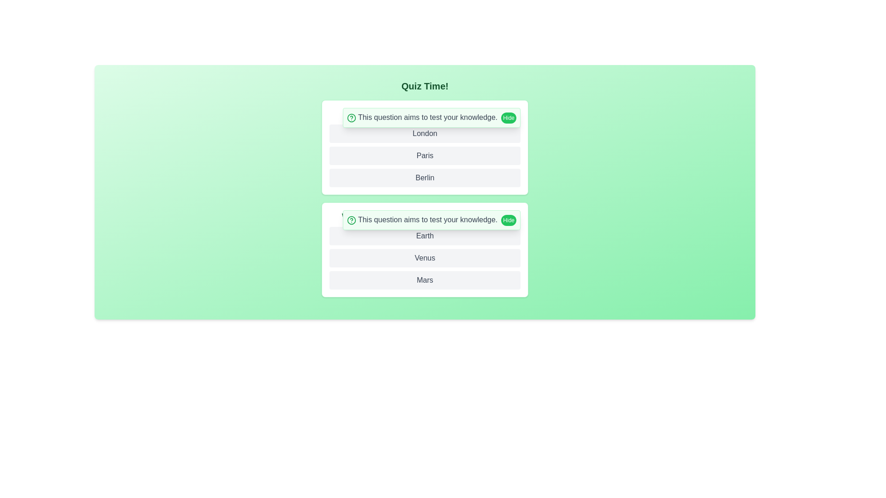 This screenshot has width=886, height=498. Describe the element at coordinates (351, 220) in the screenshot. I see `the circular icon with a green outline and a '?' symbol in its center` at that location.